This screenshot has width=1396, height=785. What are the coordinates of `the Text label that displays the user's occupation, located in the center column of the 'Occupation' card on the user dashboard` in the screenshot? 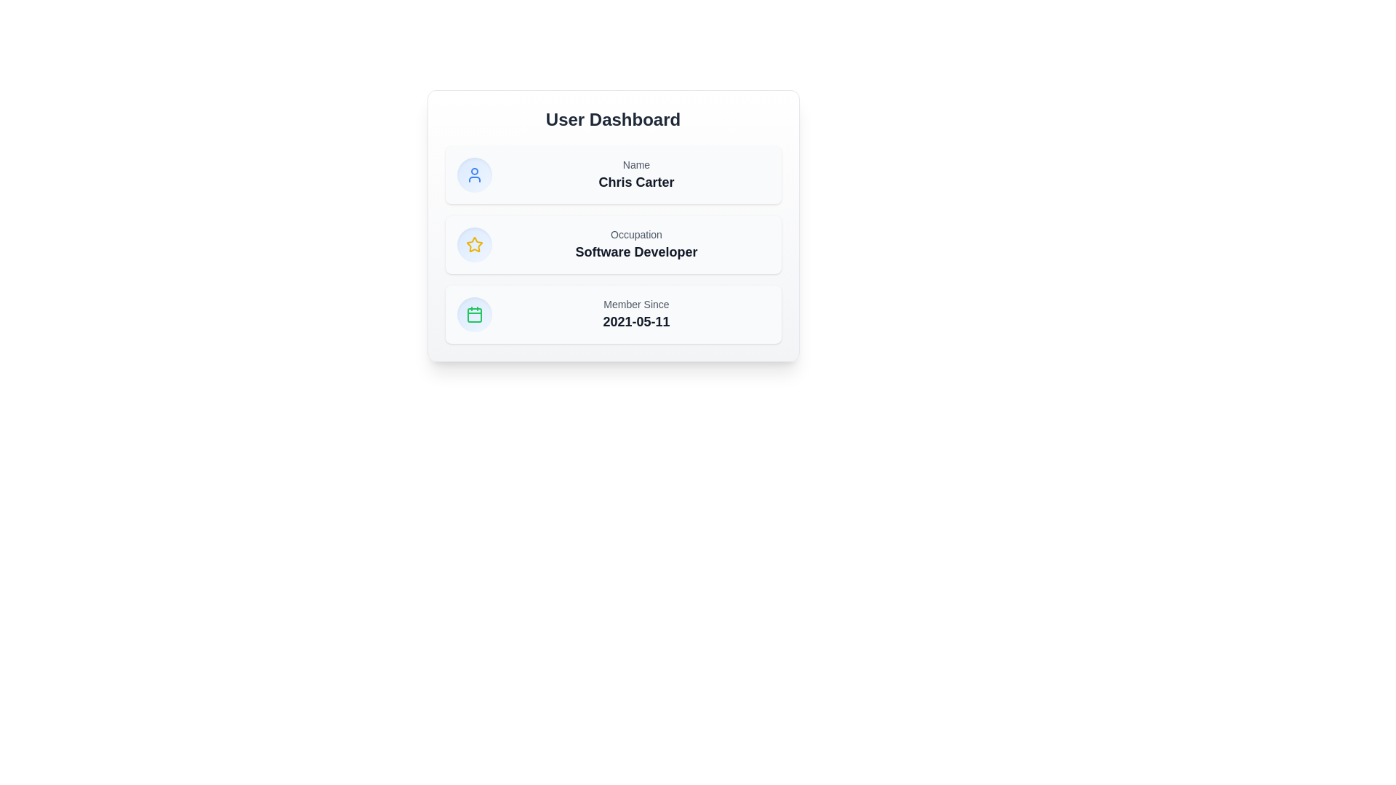 It's located at (636, 251).